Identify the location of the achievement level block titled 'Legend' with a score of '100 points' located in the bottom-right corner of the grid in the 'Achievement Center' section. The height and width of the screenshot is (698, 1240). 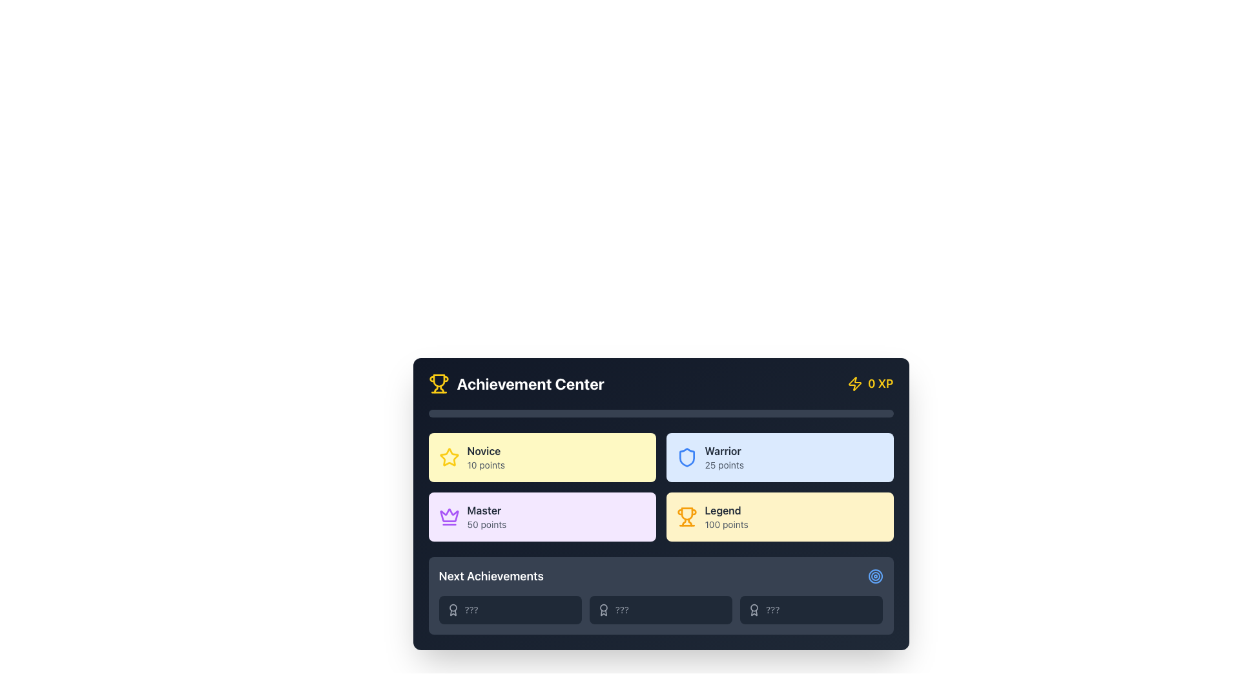
(779, 516).